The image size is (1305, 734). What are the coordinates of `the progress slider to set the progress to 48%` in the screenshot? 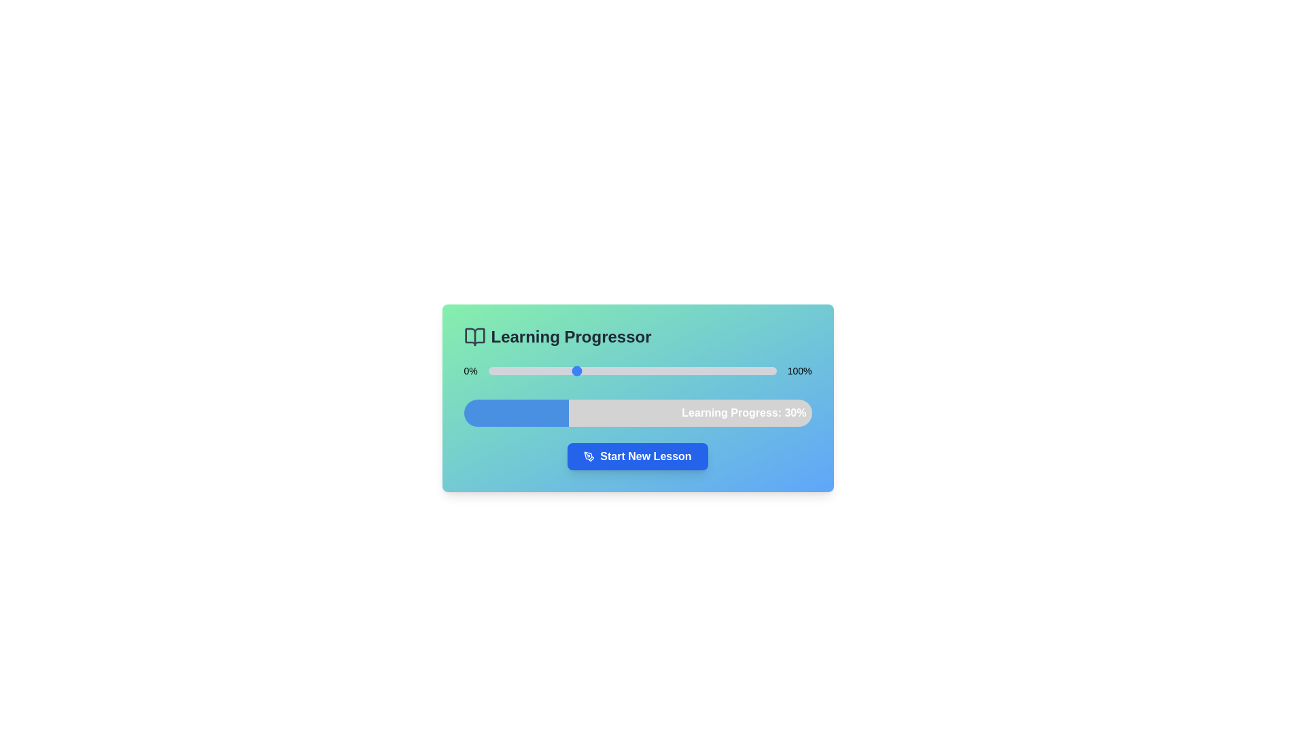 It's located at (626, 371).